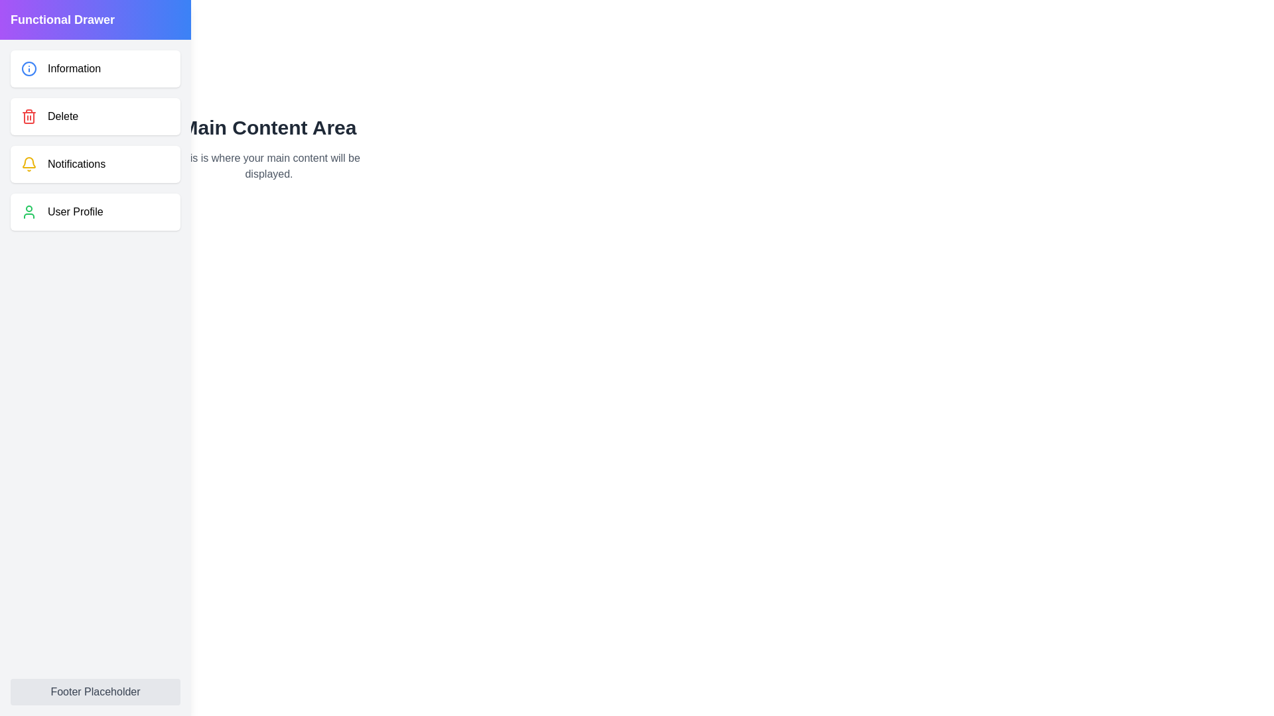 The image size is (1274, 716). I want to click on the circle that is centrally located within the 'Information' icon in the left drawer, which signifies informational content, so click(29, 69).